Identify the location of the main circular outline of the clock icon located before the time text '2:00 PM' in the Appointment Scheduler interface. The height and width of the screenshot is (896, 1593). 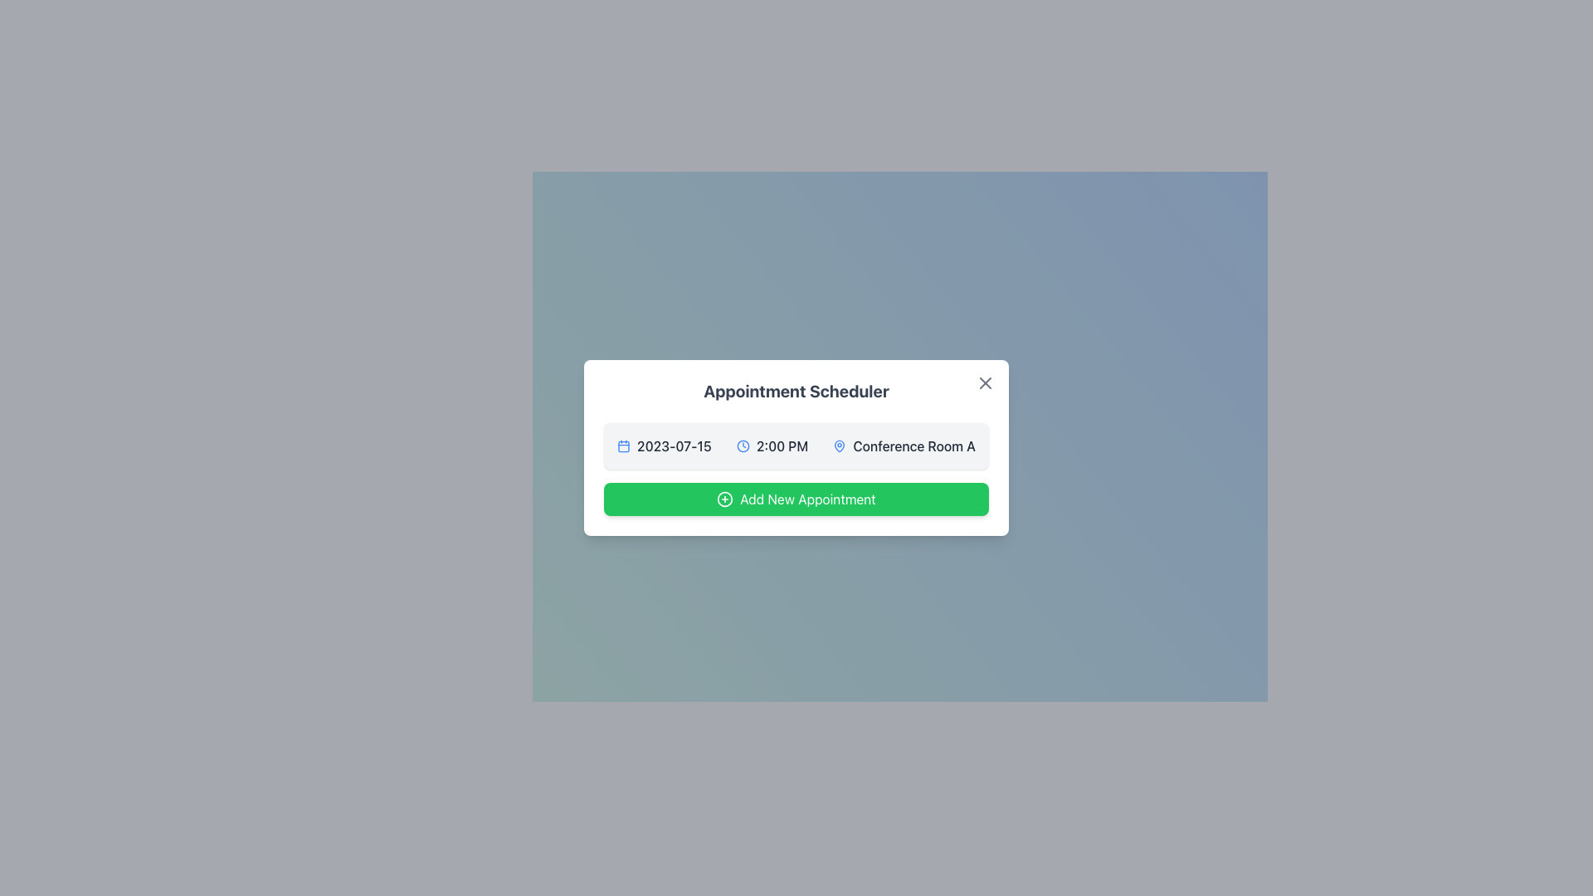
(742, 445).